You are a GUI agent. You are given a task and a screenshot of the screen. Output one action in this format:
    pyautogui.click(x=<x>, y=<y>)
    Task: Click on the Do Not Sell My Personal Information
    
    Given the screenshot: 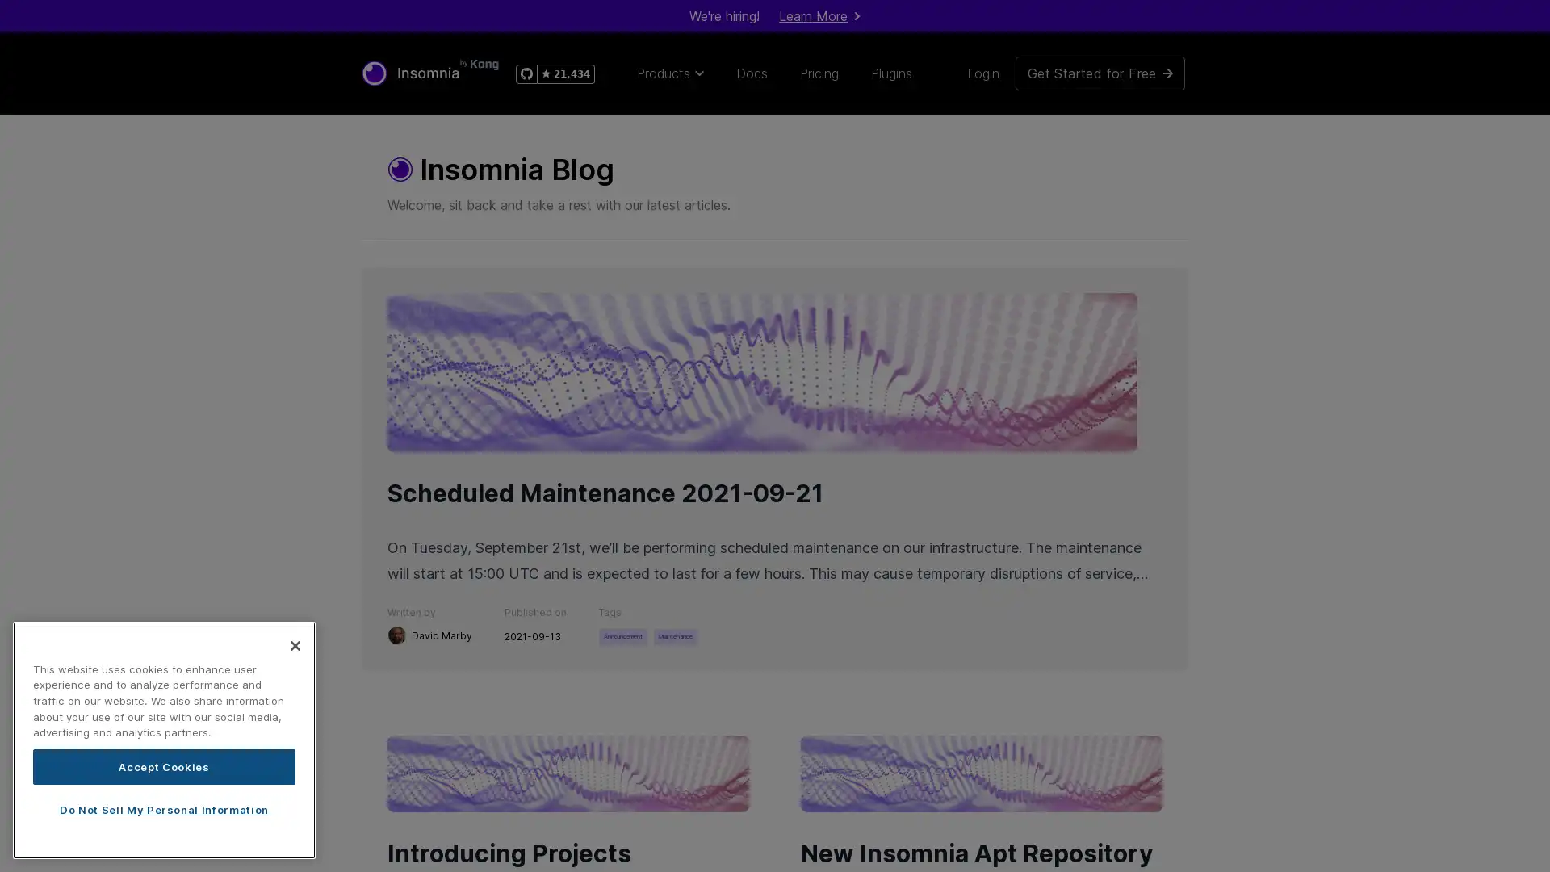 What is the action you would take?
    pyautogui.click(x=164, y=809)
    